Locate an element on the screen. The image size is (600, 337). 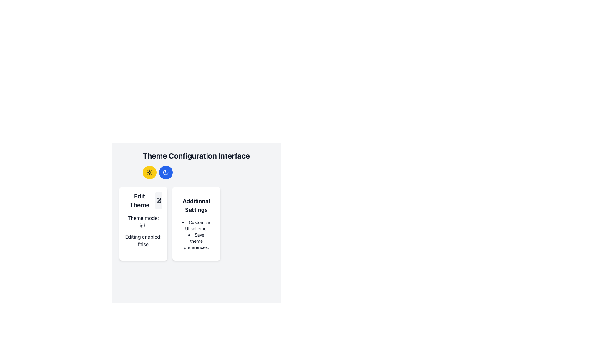
the text element that labels the 'UI scheme' customization, which is the first item in the Additional Settings section, positioned in the upper part of the right card next to the Edit Theme card is located at coordinates (196, 225).